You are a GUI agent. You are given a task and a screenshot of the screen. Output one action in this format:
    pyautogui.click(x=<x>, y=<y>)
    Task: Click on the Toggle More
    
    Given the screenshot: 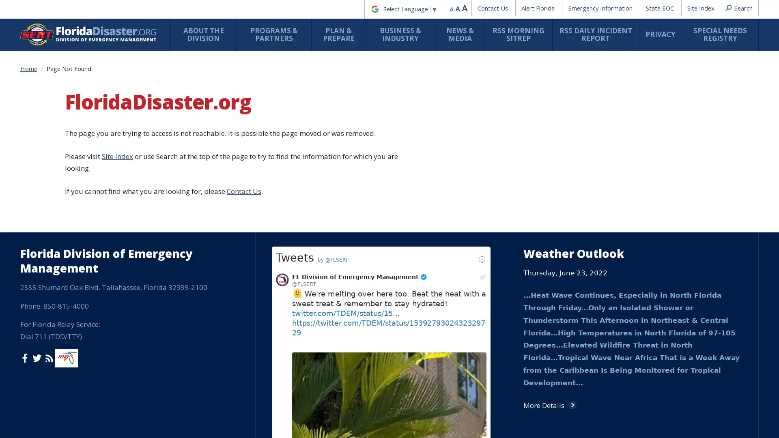 What is the action you would take?
    pyautogui.click(x=325, y=135)
    